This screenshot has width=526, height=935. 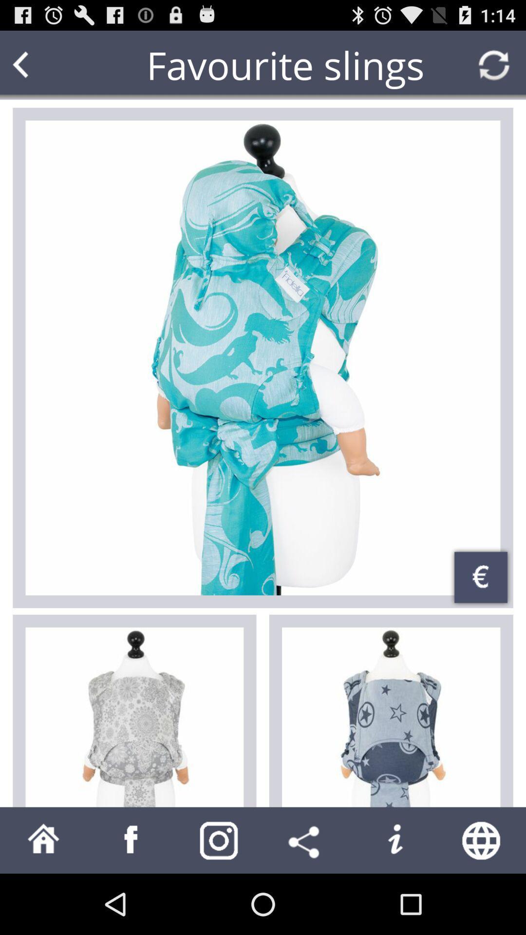 I want to click on first option on the left, so click(x=134, y=717).